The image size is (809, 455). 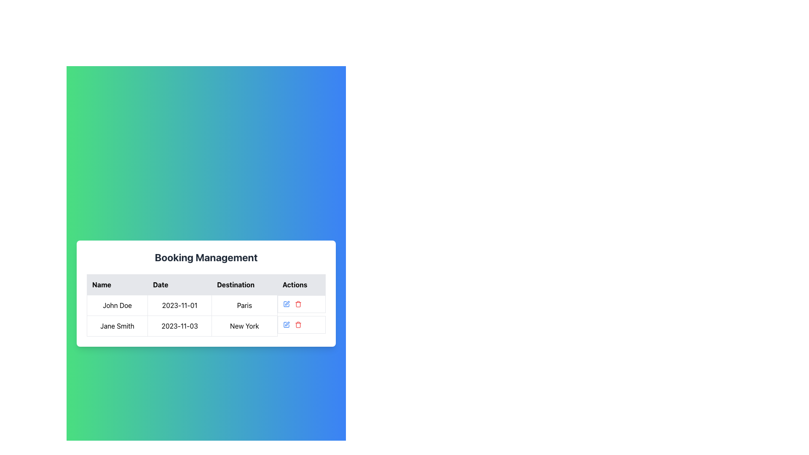 I want to click on the delete icon button located at the far right of the second row in the 'Actions' column of the table, so click(x=298, y=304).